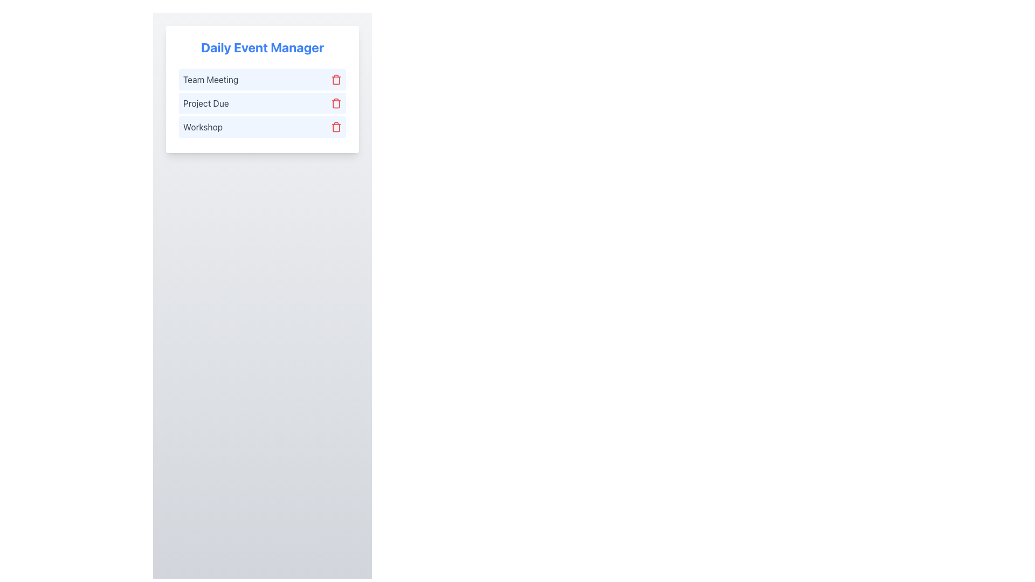 Image resolution: width=1035 pixels, height=582 pixels. Describe the element at coordinates (336, 79) in the screenshot. I see `the red trash can icon located to the right of the 'Team Meeting' text` at that location.